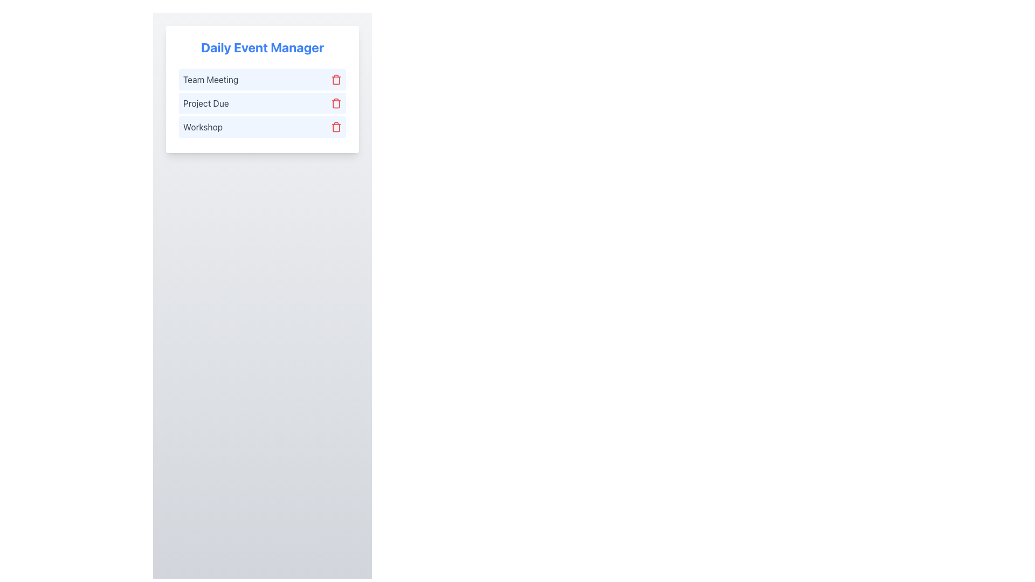 Image resolution: width=1035 pixels, height=582 pixels. Describe the element at coordinates (336, 79) in the screenshot. I see `the red trash can icon located to the right of the 'Team Meeting' text` at that location.